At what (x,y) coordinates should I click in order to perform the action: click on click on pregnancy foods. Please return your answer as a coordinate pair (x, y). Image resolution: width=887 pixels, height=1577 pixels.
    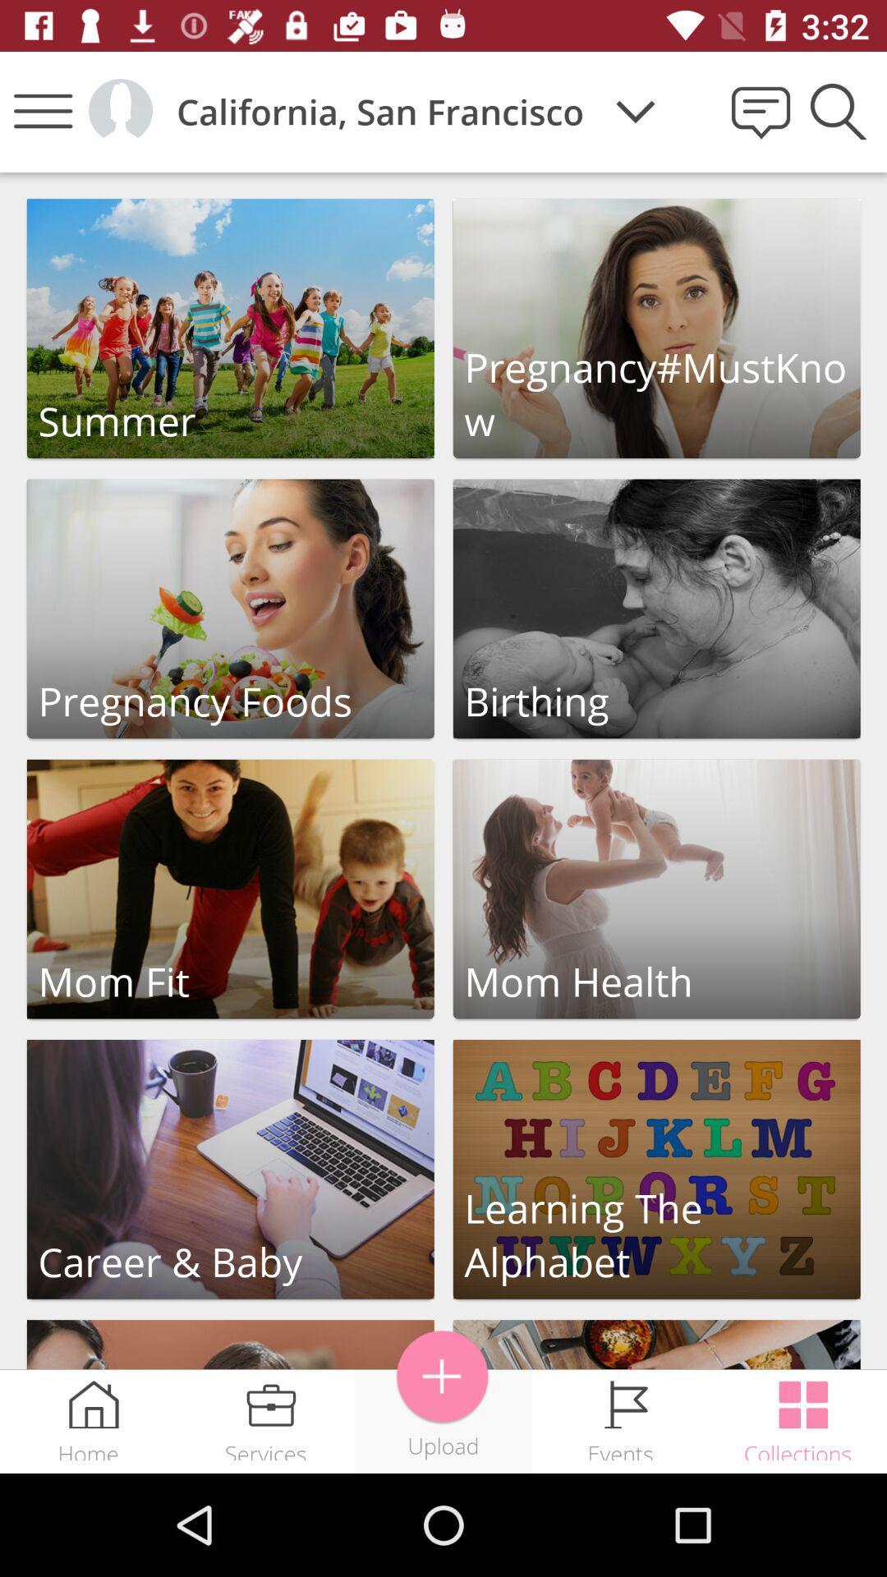
    Looking at the image, I should click on (230, 608).